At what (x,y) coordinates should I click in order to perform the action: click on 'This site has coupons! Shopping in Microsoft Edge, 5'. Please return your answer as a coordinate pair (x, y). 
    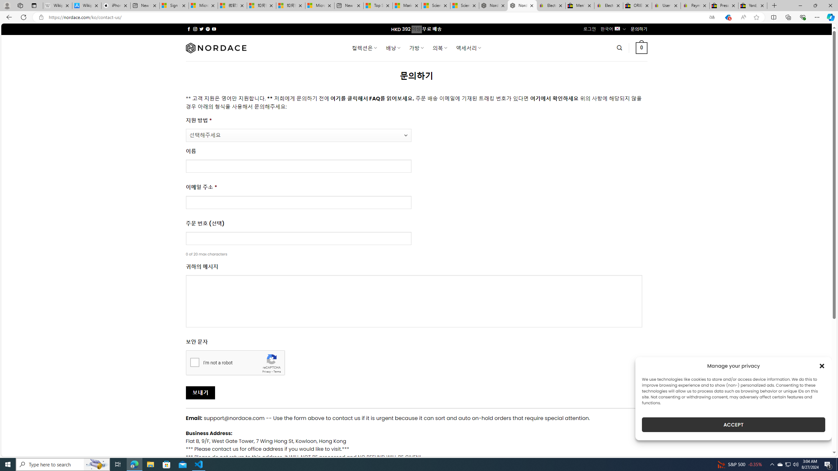
    Looking at the image, I should click on (727, 17).